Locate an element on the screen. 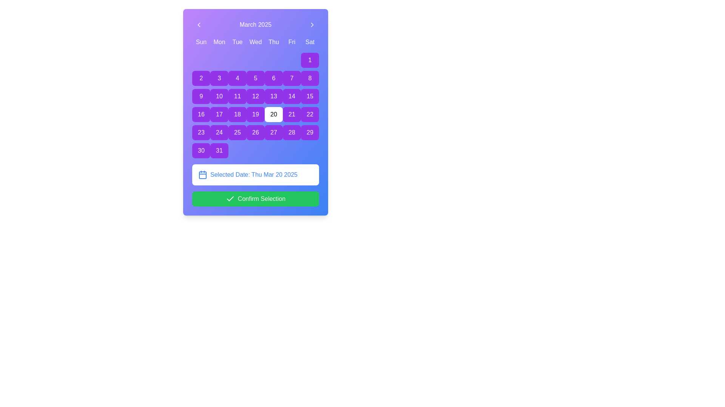  the button located in the third row and second column of the calendar grid is located at coordinates (219, 115).